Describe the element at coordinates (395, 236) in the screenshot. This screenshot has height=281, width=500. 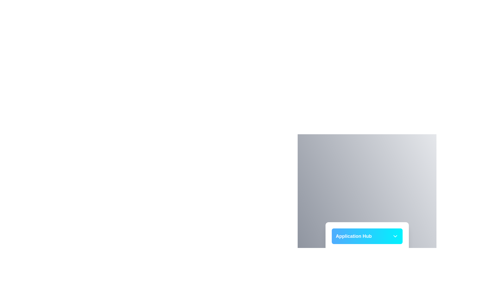
I see `the dropdown toggle button to toggle the menu` at that location.